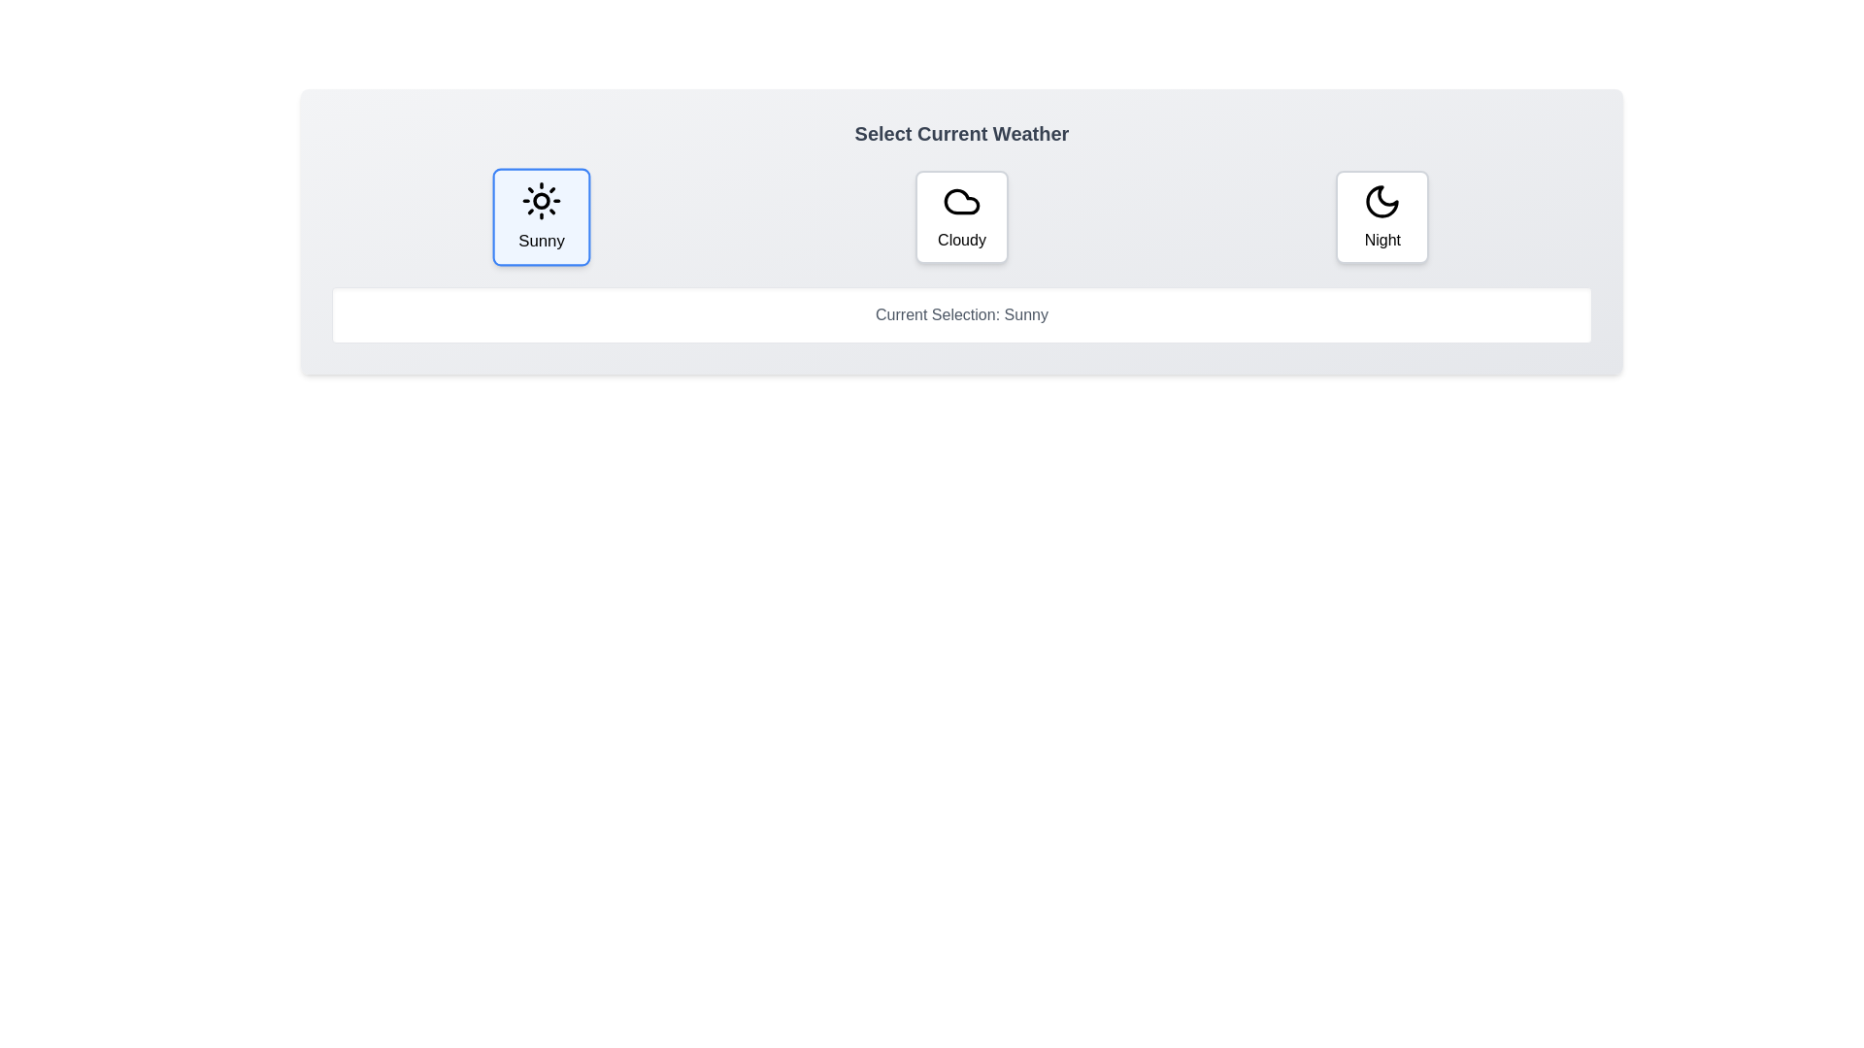  I want to click on the Cloudy button to observe its hover effect, so click(960, 216).